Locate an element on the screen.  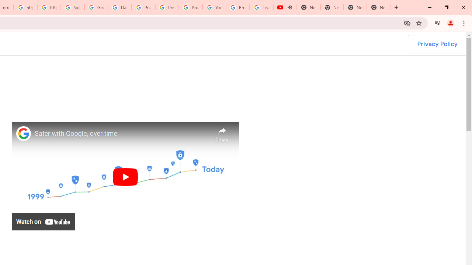
'Play' is located at coordinates (125, 177).